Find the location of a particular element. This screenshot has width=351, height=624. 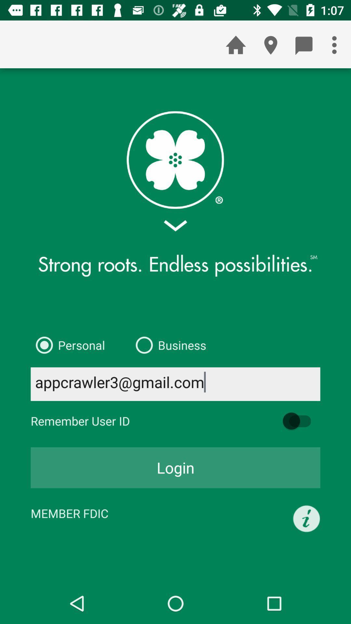

remember id is located at coordinates (300, 421).